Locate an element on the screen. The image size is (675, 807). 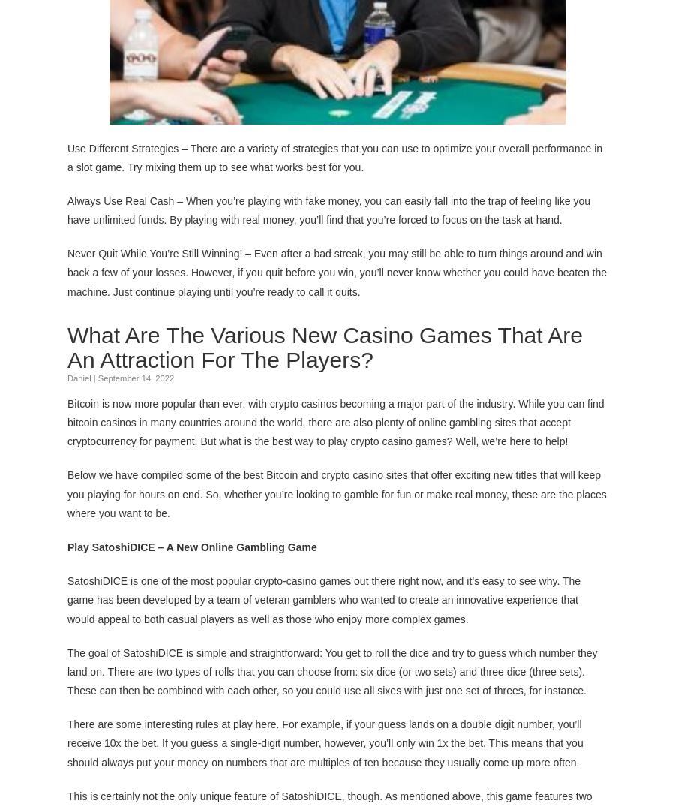
'Play SatoshiDICE – A New Online Gambling Game' is located at coordinates (67, 545).